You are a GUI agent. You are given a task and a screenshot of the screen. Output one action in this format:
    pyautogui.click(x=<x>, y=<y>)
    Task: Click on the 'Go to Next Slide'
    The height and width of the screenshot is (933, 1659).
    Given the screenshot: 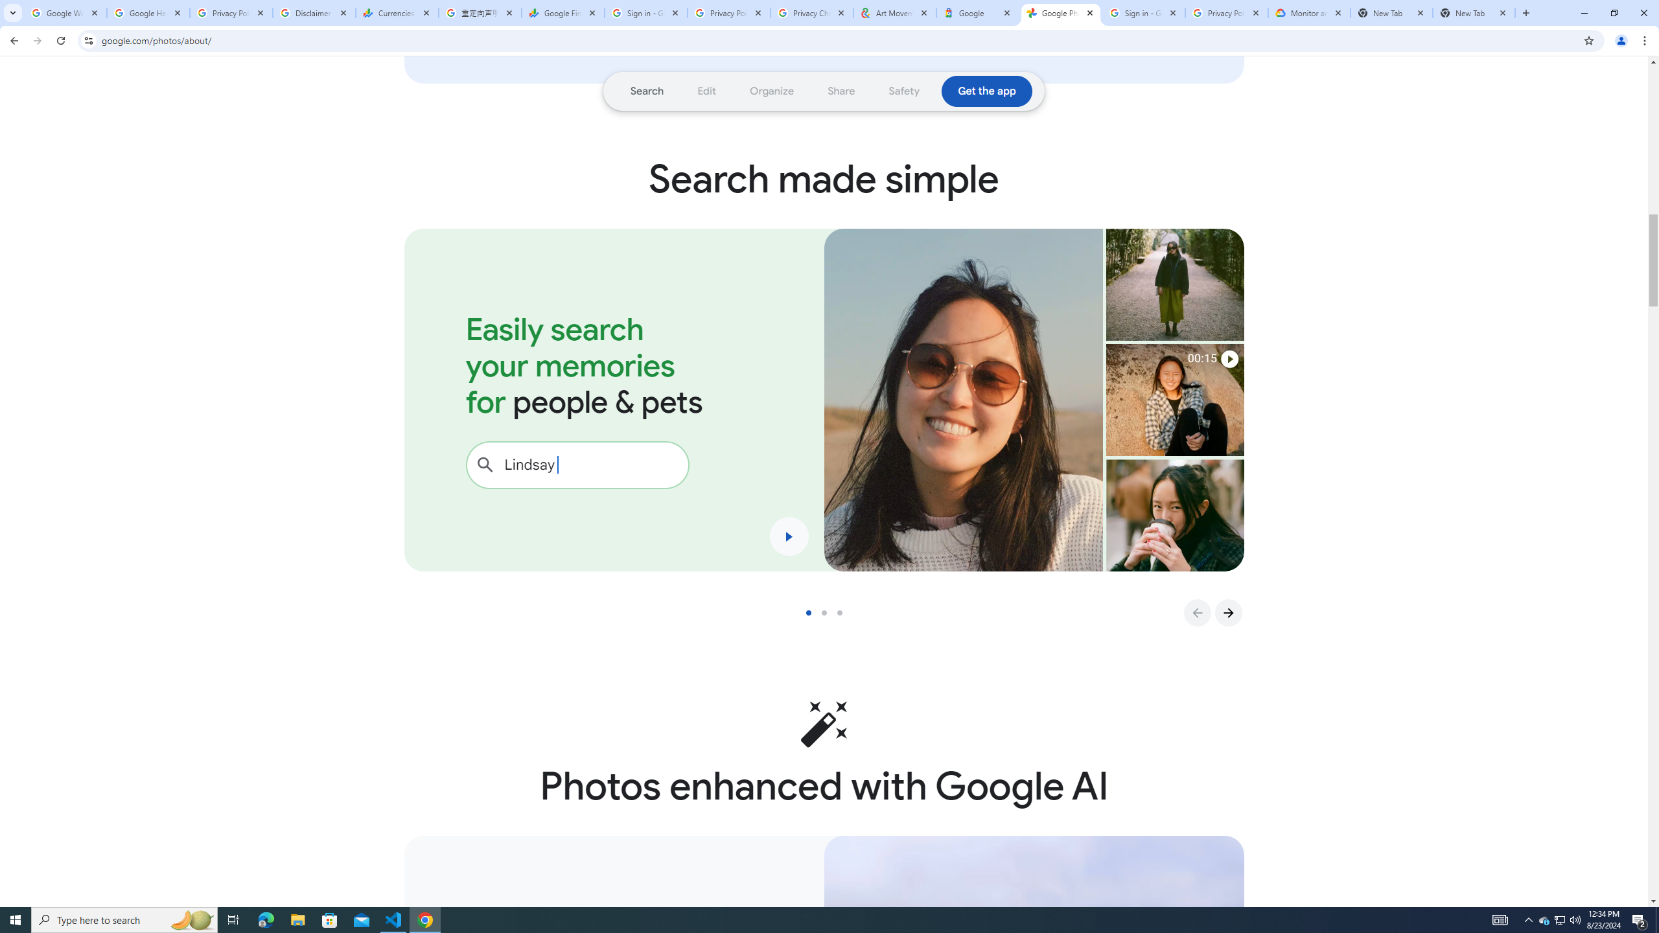 What is the action you would take?
    pyautogui.click(x=1228, y=612)
    